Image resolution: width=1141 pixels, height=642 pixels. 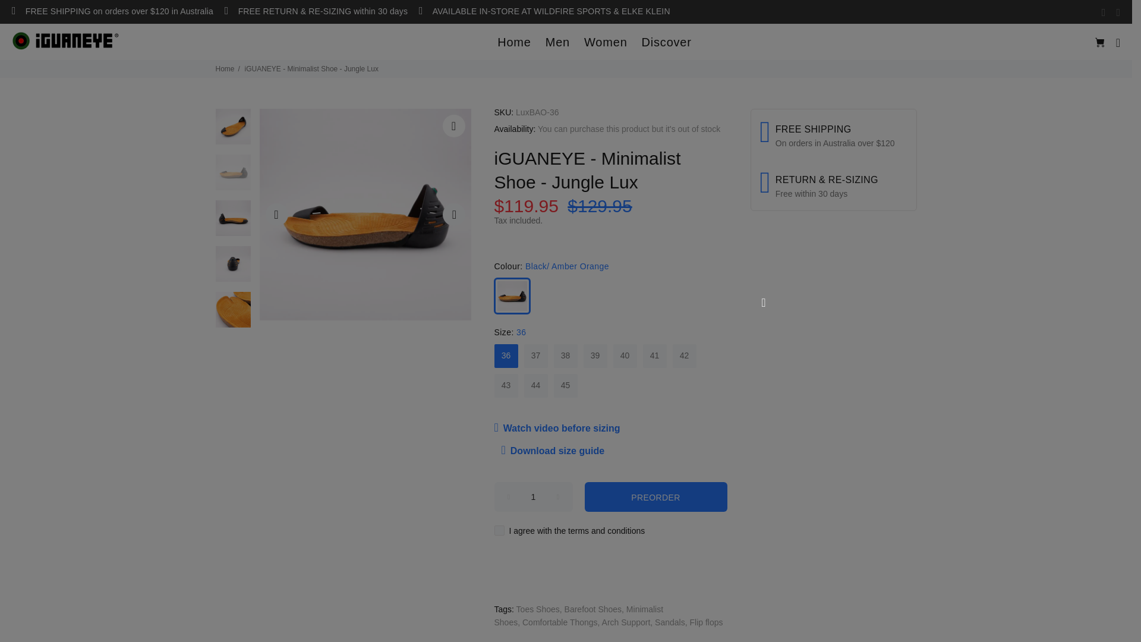 What do you see at coordinates (494, 385) in the screenshot?
I see `'43'` at bounding box center [494, 385].